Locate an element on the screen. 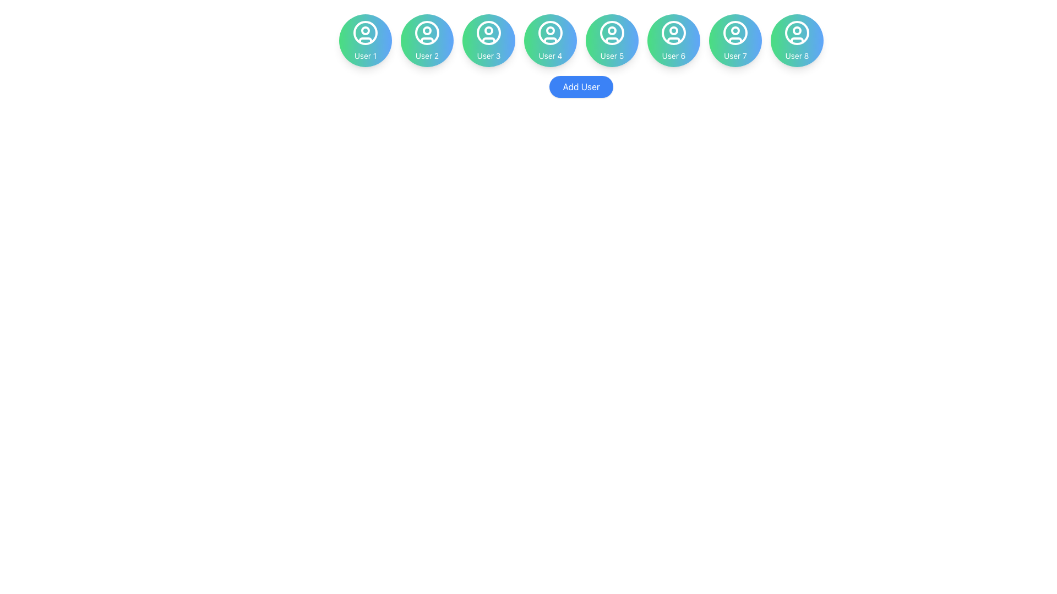 This screenshot has width=1057, height=594. text 'User 6' displayed within the sixth circular user button from the left, located at the bottom center of the rounded colorful button is located at coordinates (673, 56).